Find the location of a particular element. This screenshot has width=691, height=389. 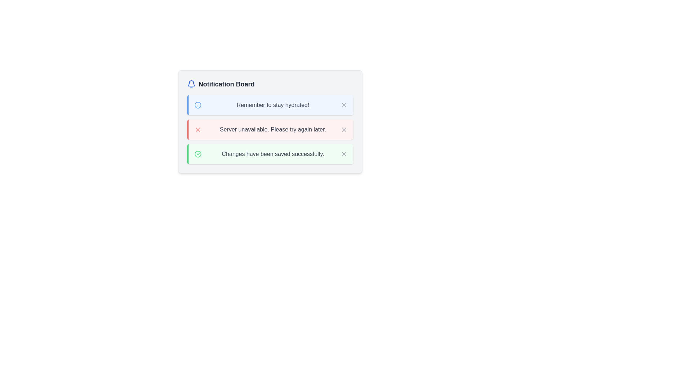

the dismiss icon (cross) located on the far right of the third notification row is located at coordinates (343, 154).